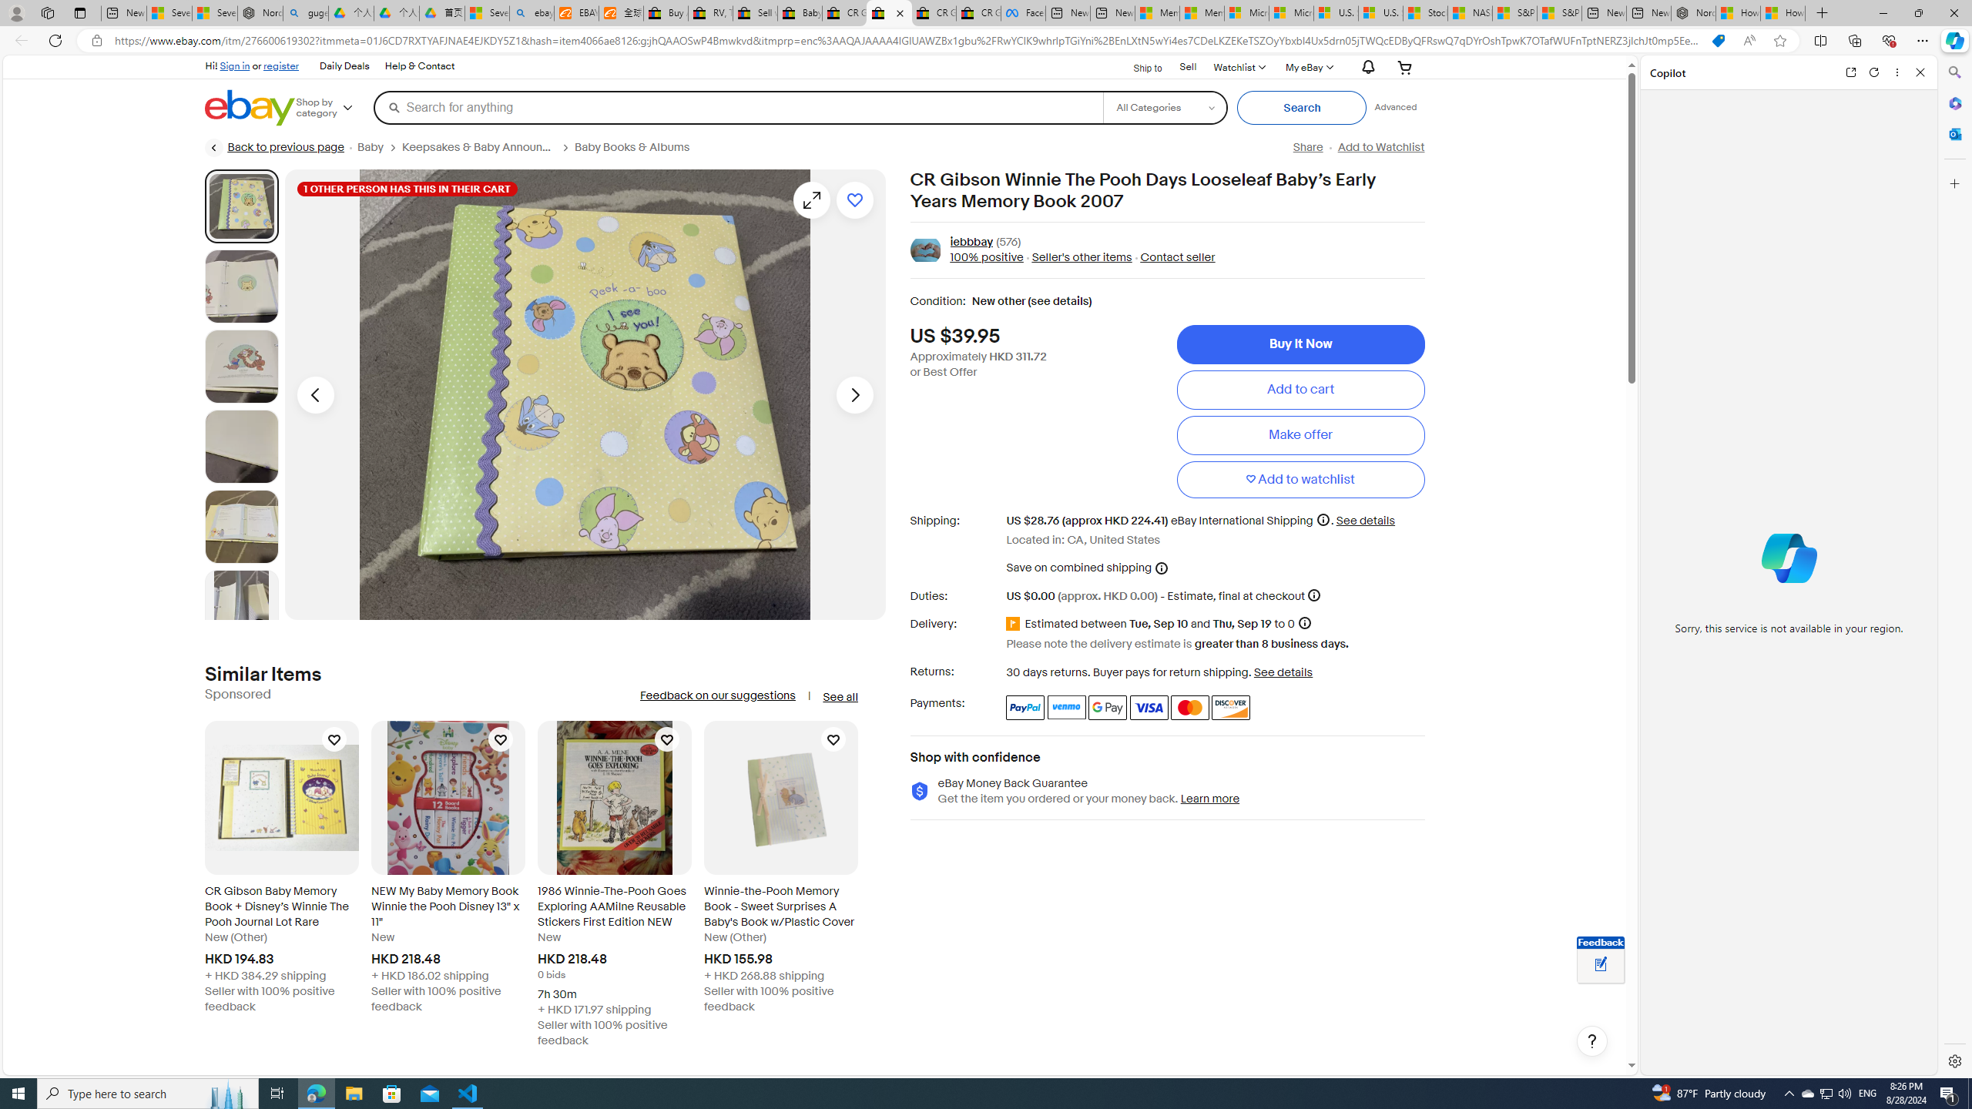  Describe the element at coordinates (1591, 1040) in the screenshot. I see `'Help, opens dialogs'` at that location.